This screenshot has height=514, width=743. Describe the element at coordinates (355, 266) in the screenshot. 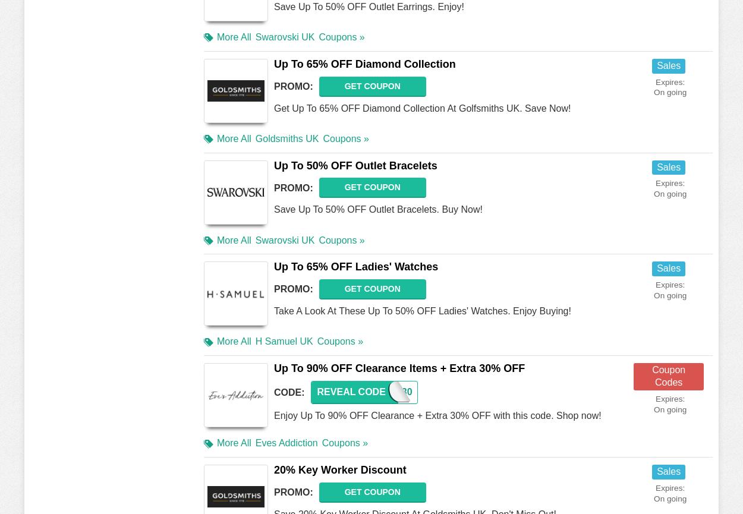

I see `'Up To 65% OFF Ladies' Watches'` at that location.